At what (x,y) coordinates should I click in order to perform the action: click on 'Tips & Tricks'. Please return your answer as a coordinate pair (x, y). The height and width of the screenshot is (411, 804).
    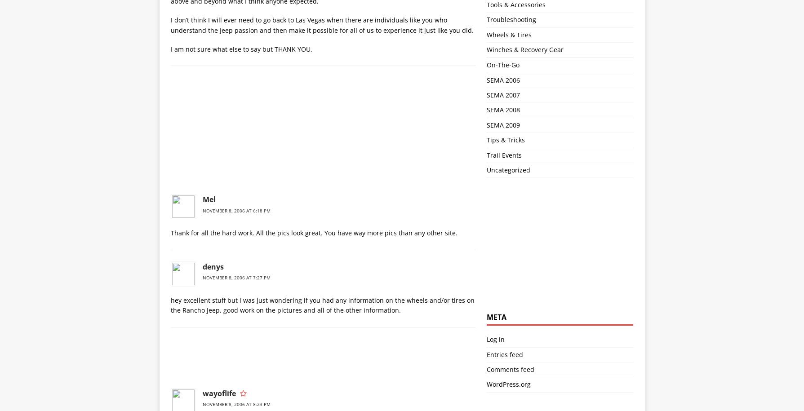
    Looking at the image, I should click on (505, 140).